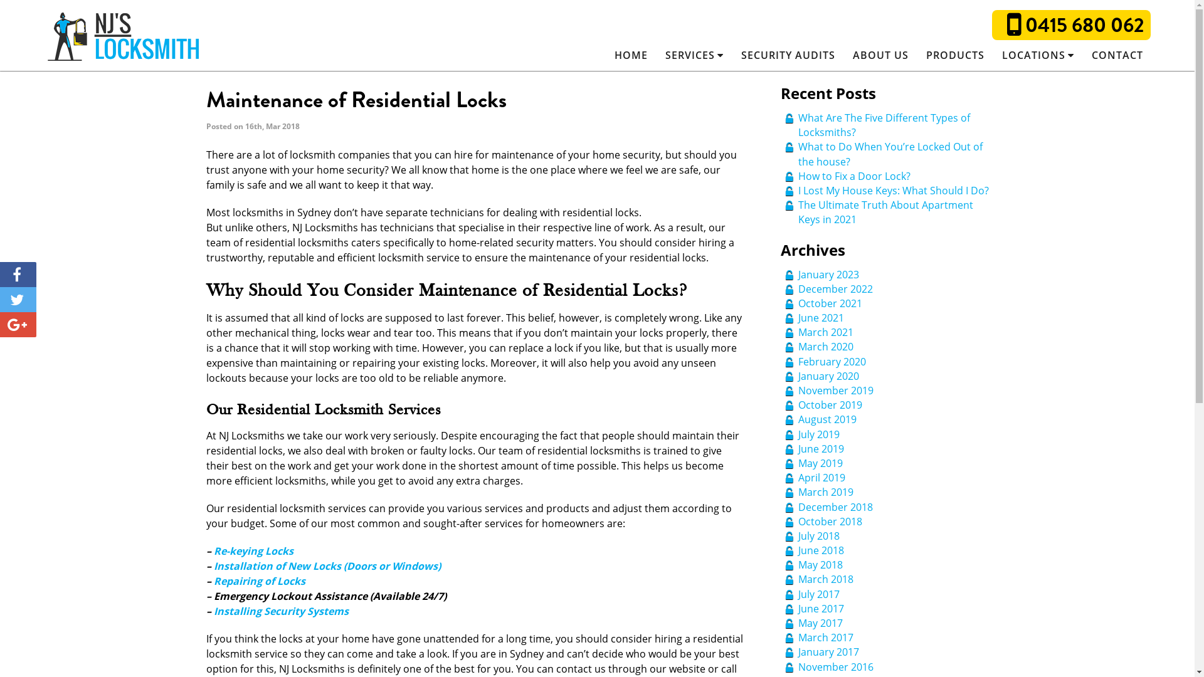  I want to click on 'July 2019', so click(797, 434).